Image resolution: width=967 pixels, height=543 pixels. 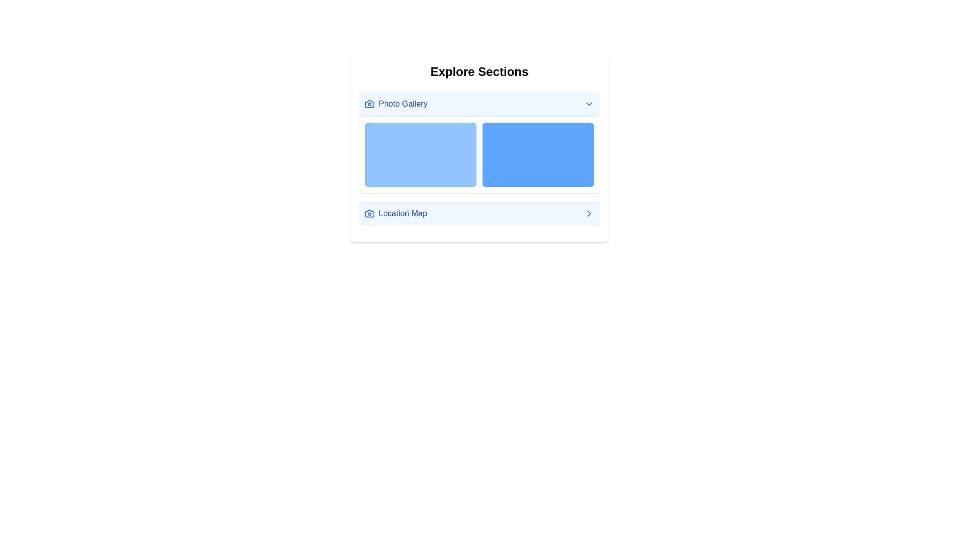 I want to click on keyboard navigation, so click(x=589, y=213).